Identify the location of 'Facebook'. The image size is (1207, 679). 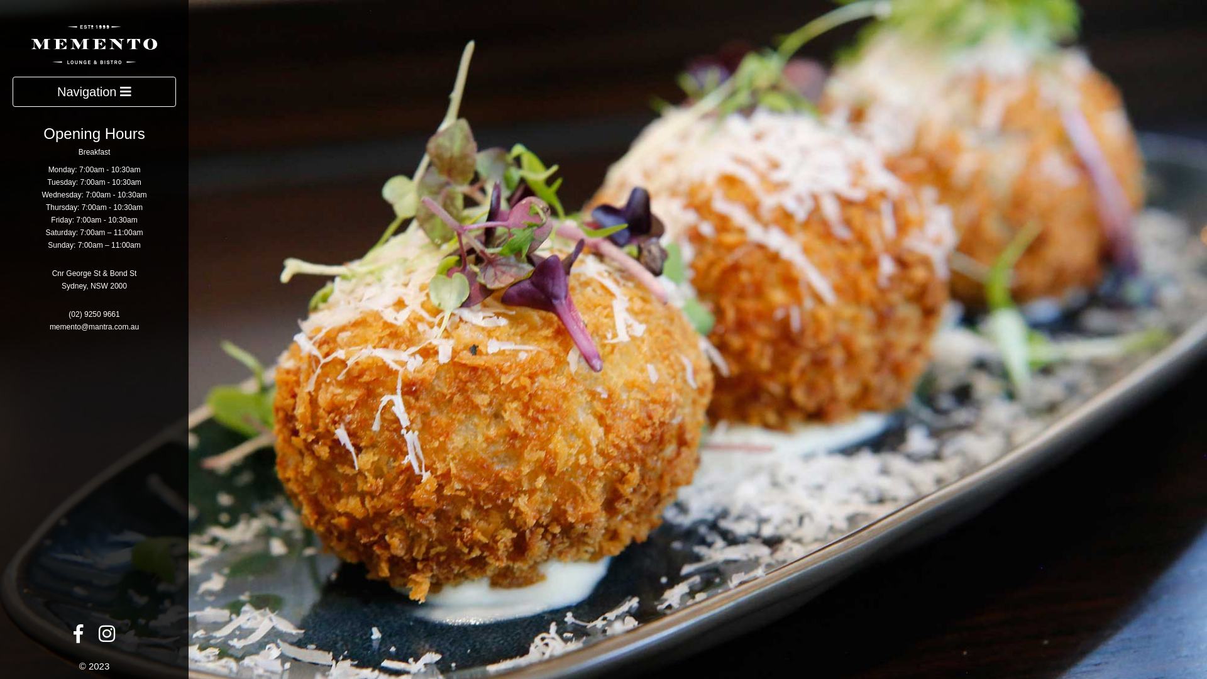
(77, 637).